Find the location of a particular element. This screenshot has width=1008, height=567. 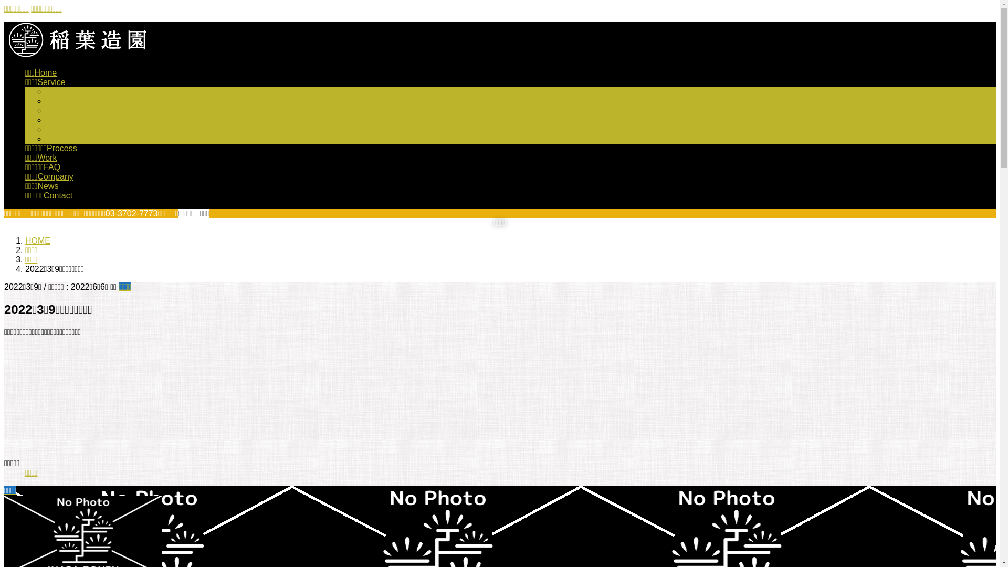

'HOME' is located at coordinates (25, 240).